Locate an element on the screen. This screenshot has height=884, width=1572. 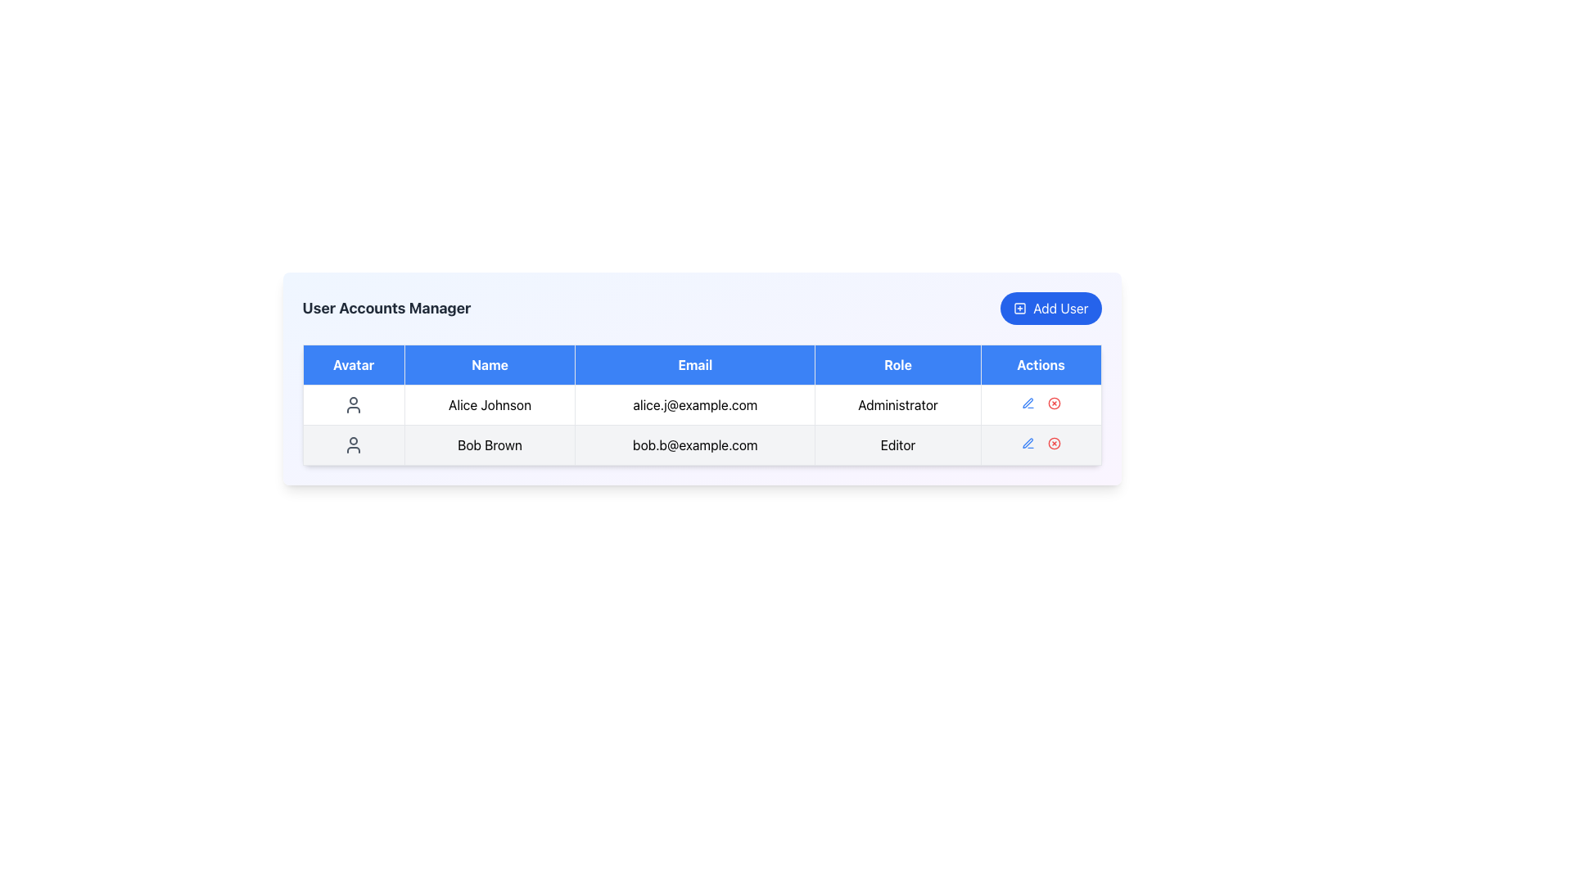
the Text Label displaying 'Bob Brown' in the User Accounts Manager table, located in the second row, second column under the 'Name' header is located at coordinates (489, 444).